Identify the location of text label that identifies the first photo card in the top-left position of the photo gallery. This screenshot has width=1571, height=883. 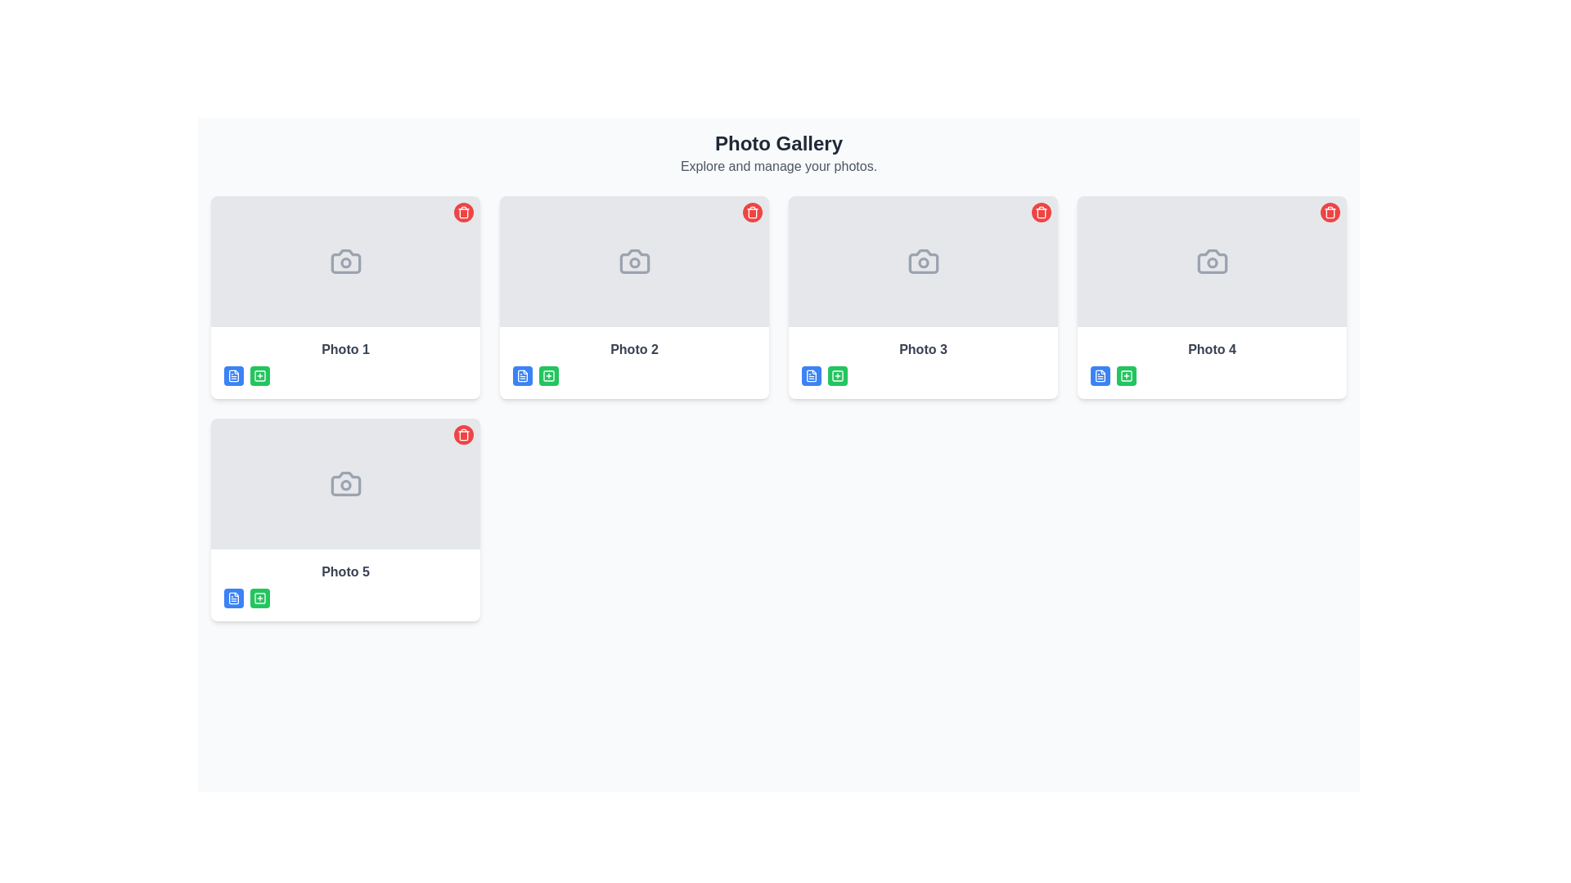
(344, 349).